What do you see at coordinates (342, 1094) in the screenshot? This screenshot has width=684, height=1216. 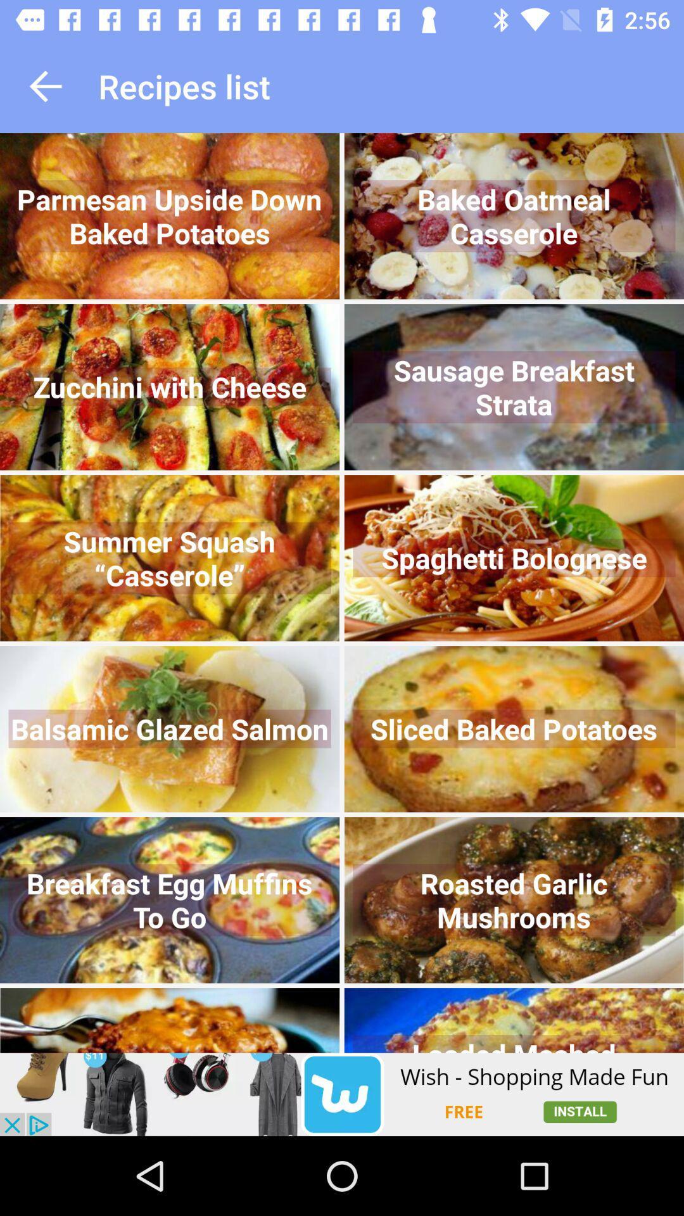 I see `open advertisement` at bounding box center [342, 1094].